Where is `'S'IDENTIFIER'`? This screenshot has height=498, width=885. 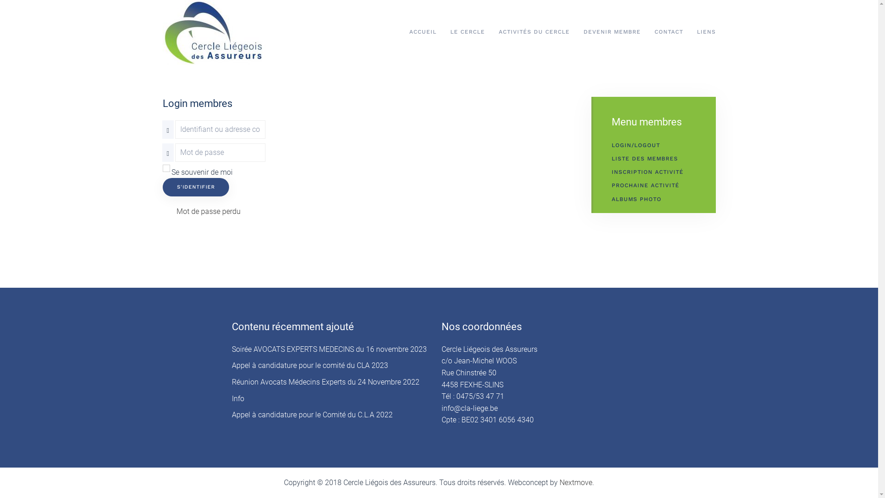
'S'IDENTIFIER' is located at coordinates (195, 187).